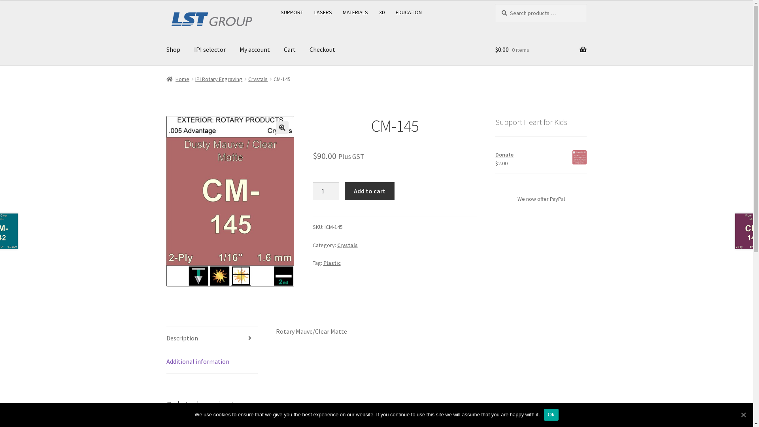 The image size is (759, 427). What do you see at coordinates (369, 191) in the screenshot?
I see `'Add to cart'` at bounding box center [369, 191].